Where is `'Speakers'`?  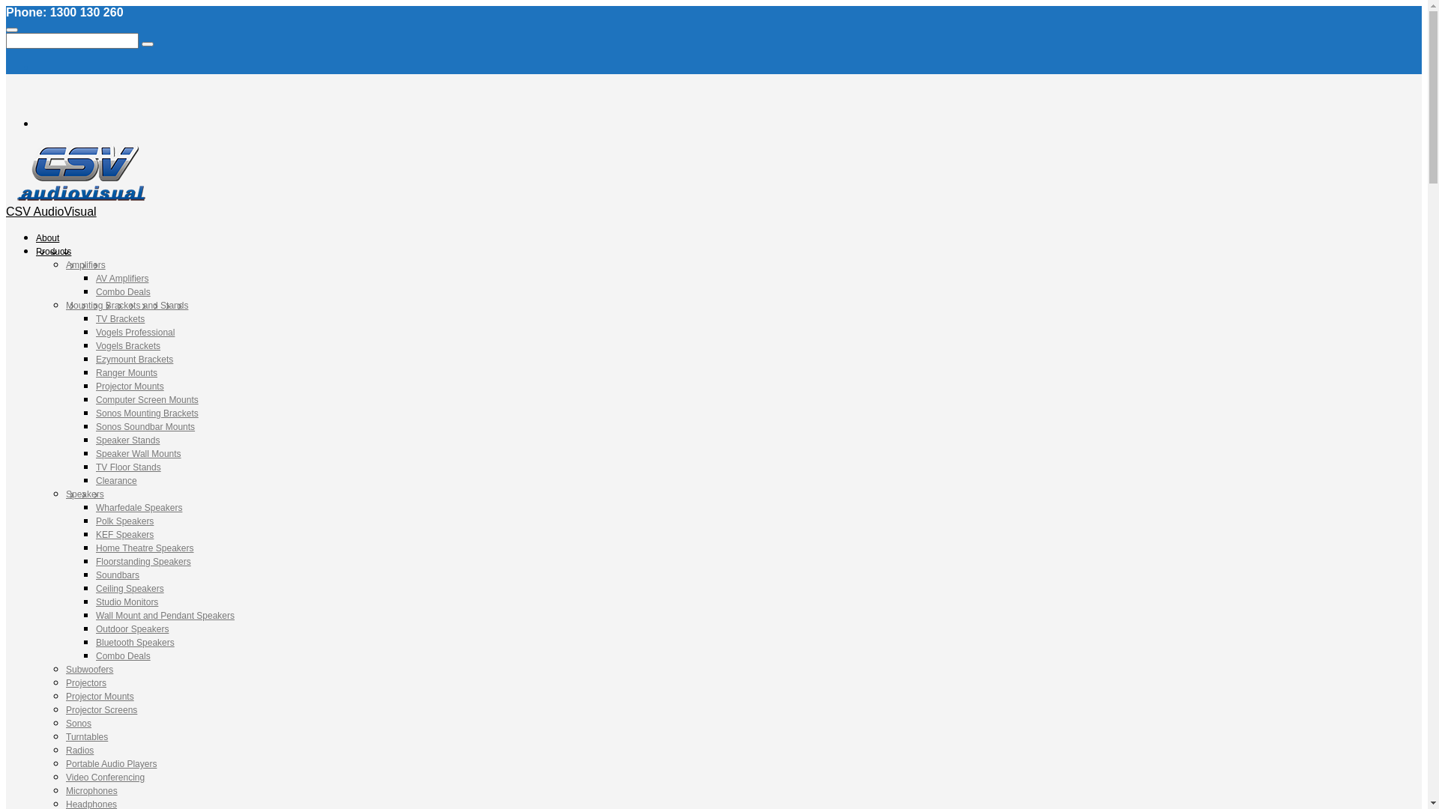 'Speakers' is located at coordinates (84, 494).